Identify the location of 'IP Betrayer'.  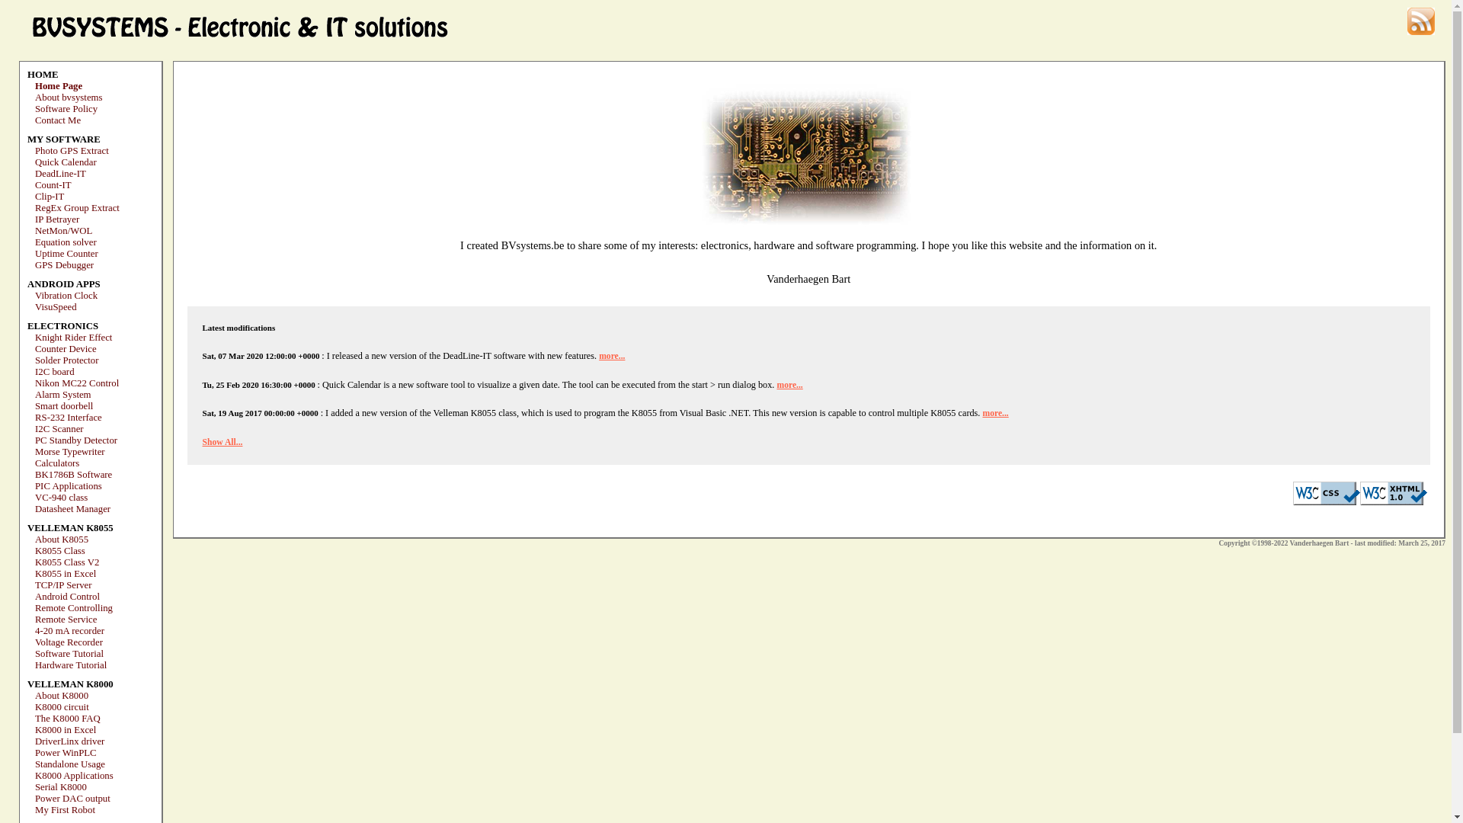
(57, 219).